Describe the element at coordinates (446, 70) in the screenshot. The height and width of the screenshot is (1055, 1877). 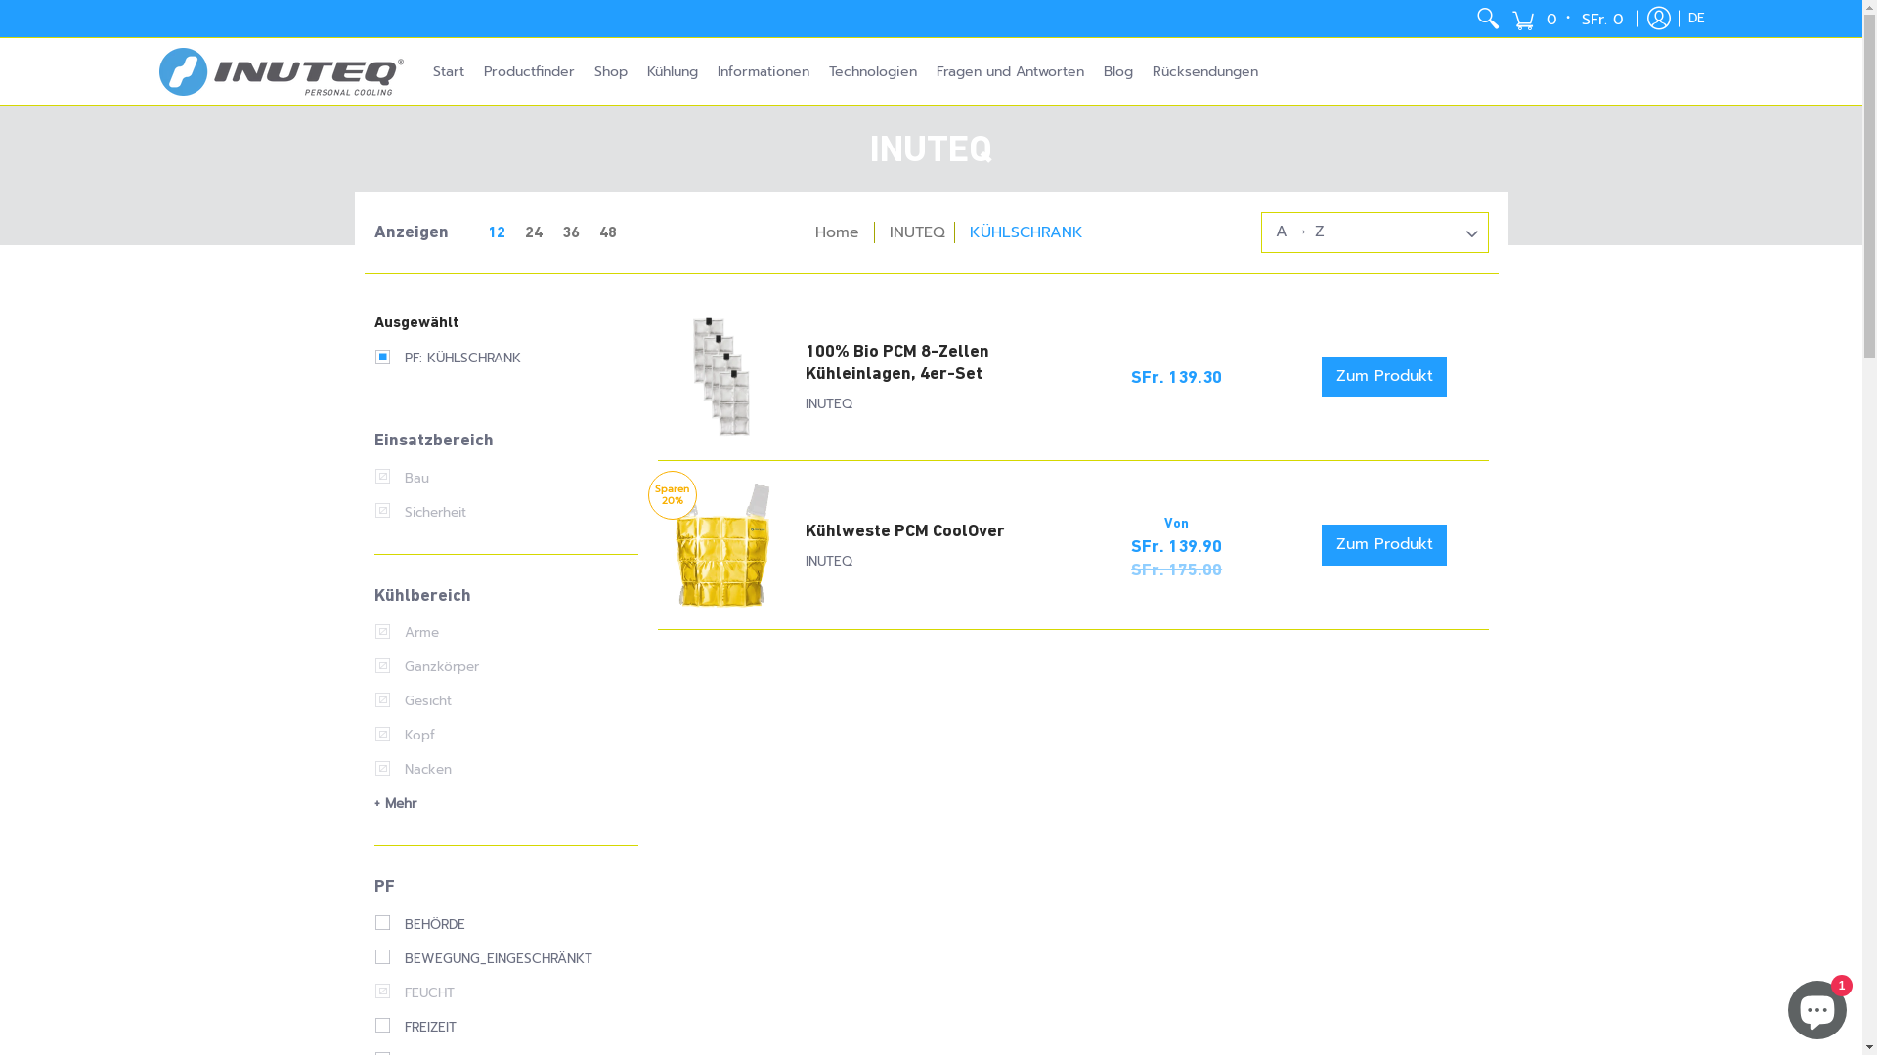
I see `'Start'` at that location.